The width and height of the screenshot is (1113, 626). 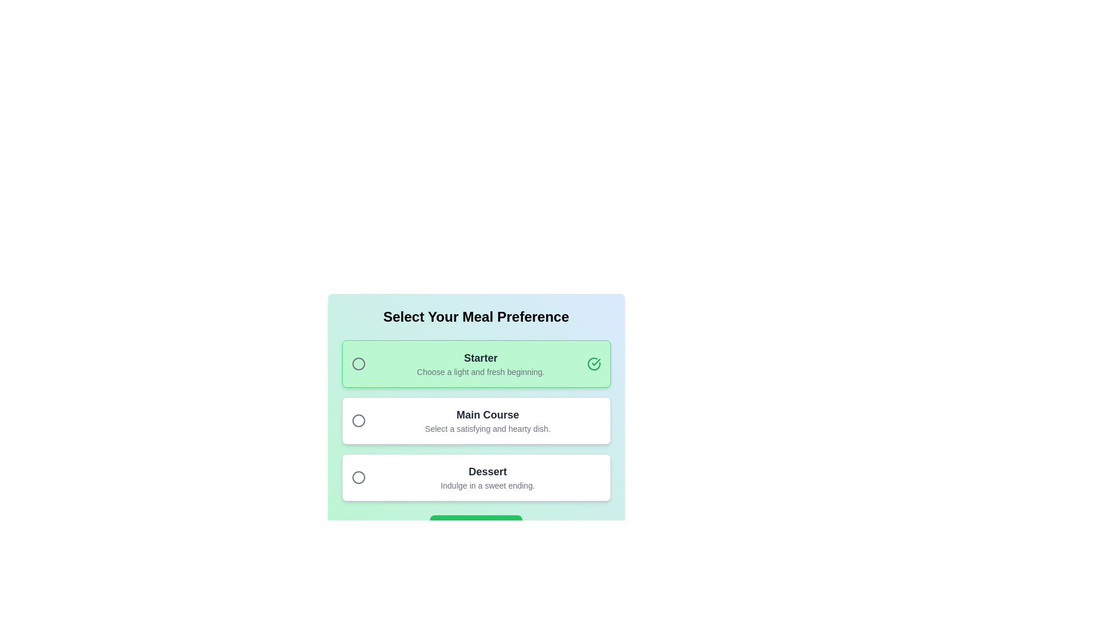 I want to click on the 'Main Course' title label in the meal selection interface, so click(x=488, y=414).